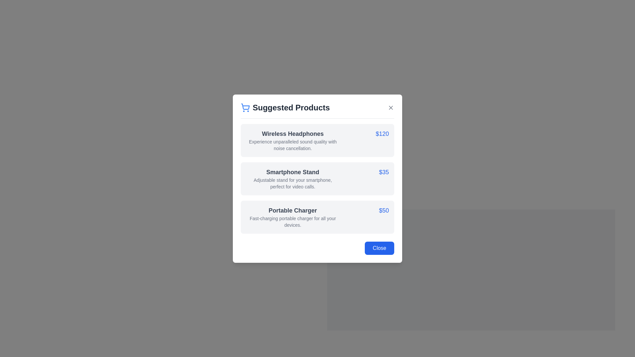  I want to click on the text block titled 'Wireless Headphones', which is prominently displayed at the top of the 'Suggested Products' modal, so click(292, 140).